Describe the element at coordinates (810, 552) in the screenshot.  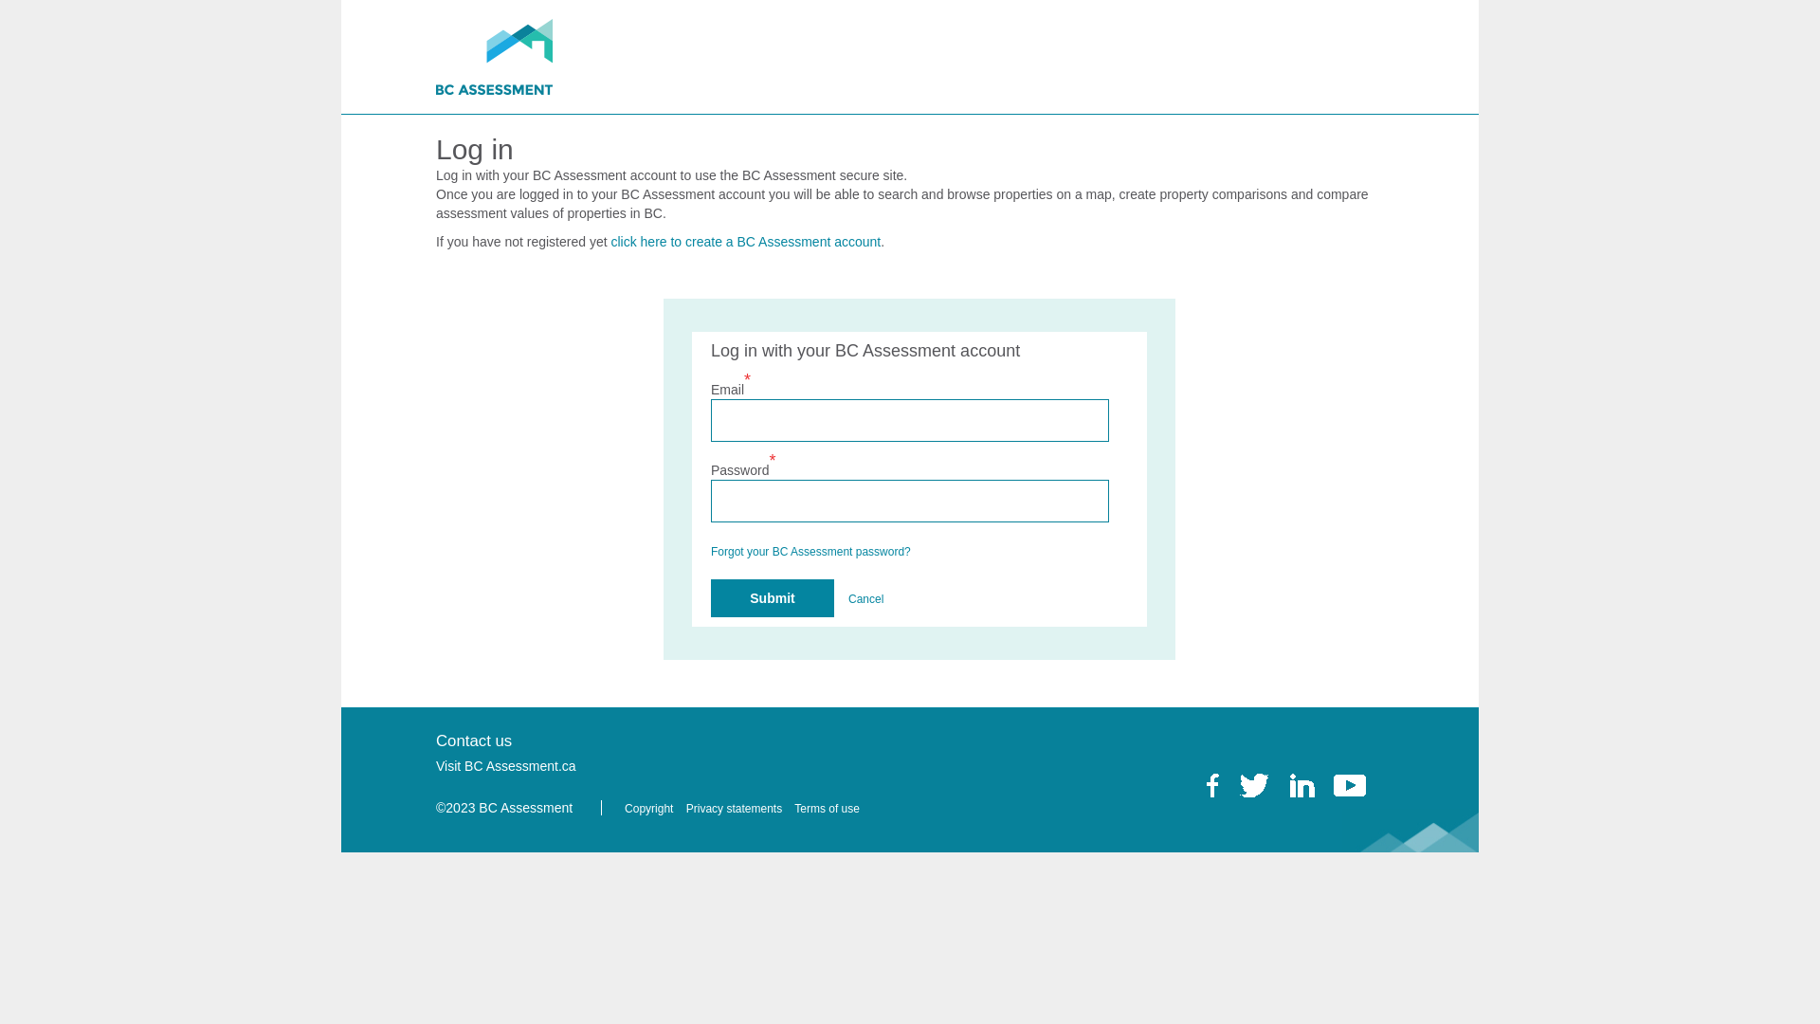
I see `'Forgot your BC Assessment password?'` at that location.